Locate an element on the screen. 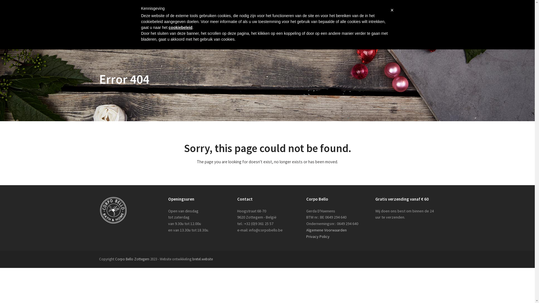  'cookiebeleid' is located at coordinates (181, 27).